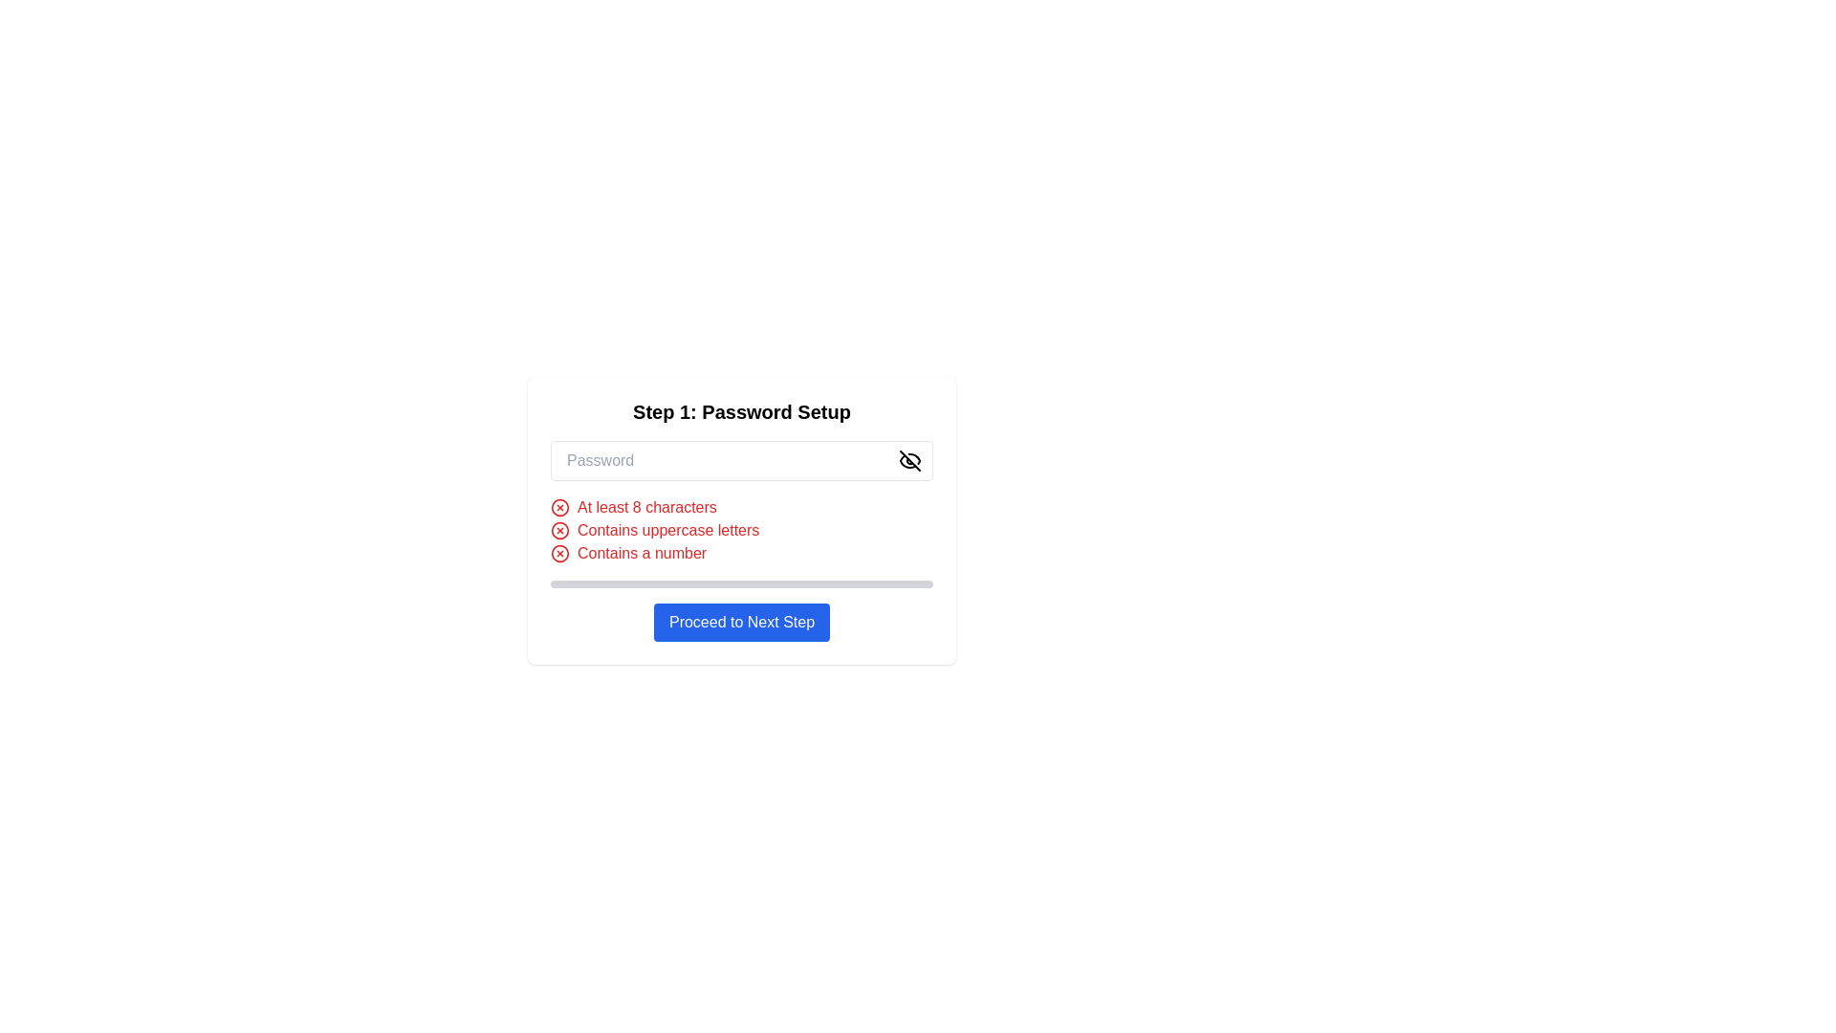 Image resolution: width=1836 pixels, height=1033 pixels. I want to click on the password requirements text component located directly beneath the password input field to potentially trigger a tooltip, so click(741, 531).